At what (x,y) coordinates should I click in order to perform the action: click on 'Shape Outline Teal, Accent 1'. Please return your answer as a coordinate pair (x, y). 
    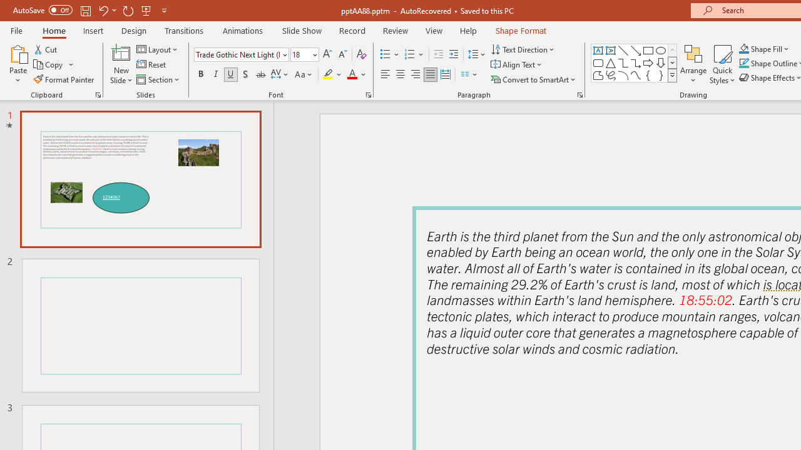
    Looking at the image, I should click on (744, 63).